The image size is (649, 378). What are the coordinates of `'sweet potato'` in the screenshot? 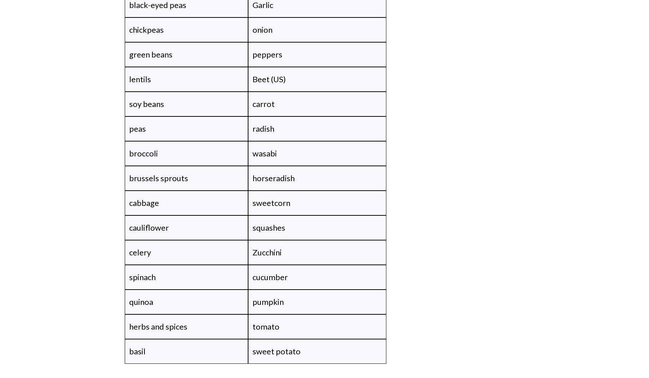 It's located at (252, 351).